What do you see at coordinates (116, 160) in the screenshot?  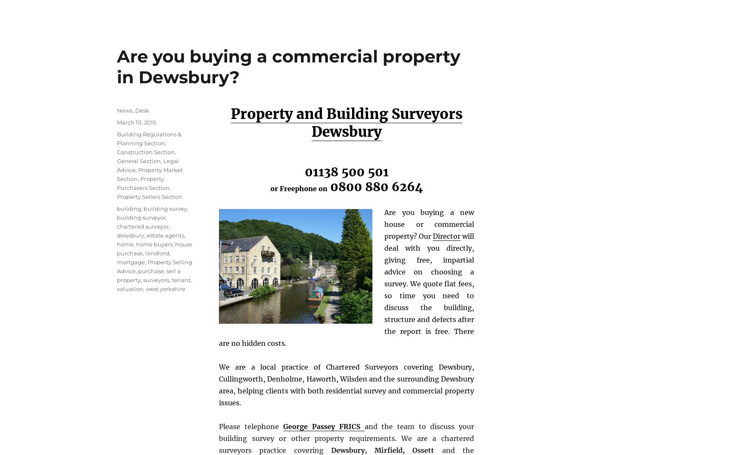 I see `'General Section'` at bounding box center [116, 160].